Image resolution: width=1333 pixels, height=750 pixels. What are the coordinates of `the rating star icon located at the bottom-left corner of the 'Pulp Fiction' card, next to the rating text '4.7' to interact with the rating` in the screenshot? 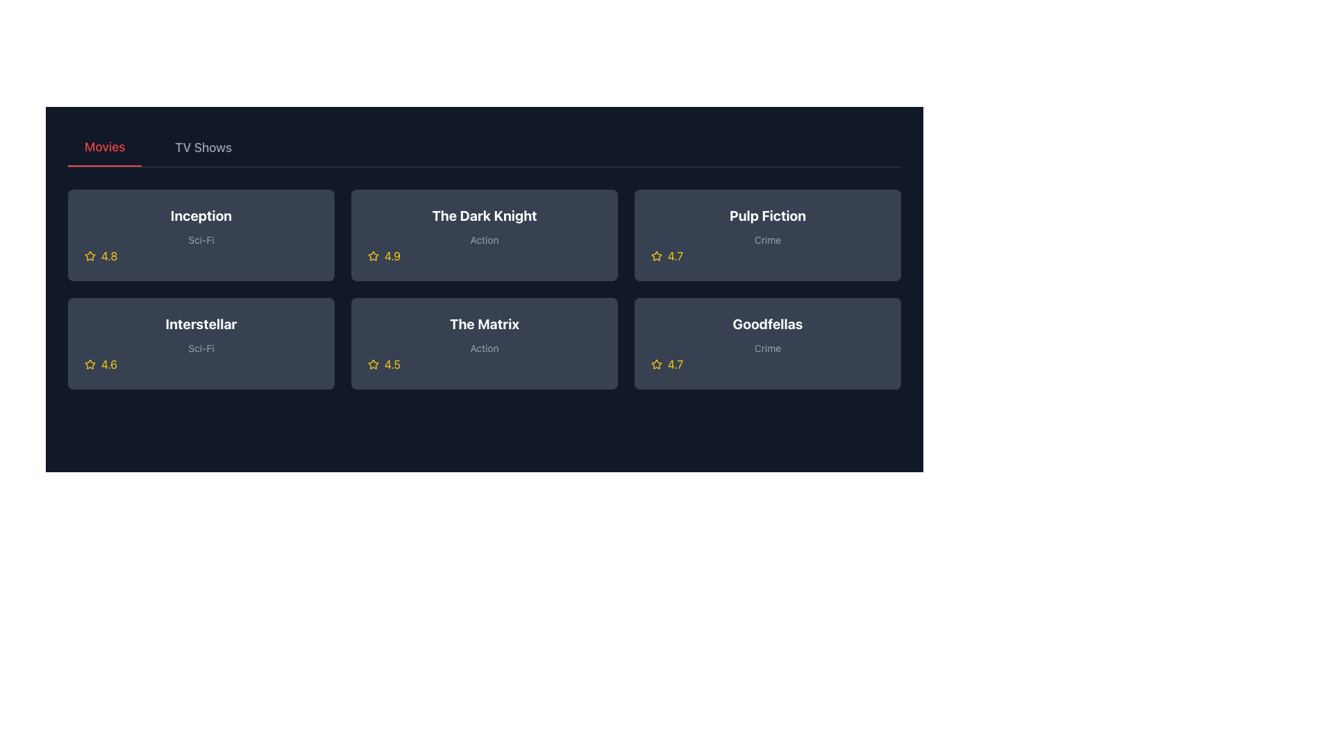 It's located at (655, 256).